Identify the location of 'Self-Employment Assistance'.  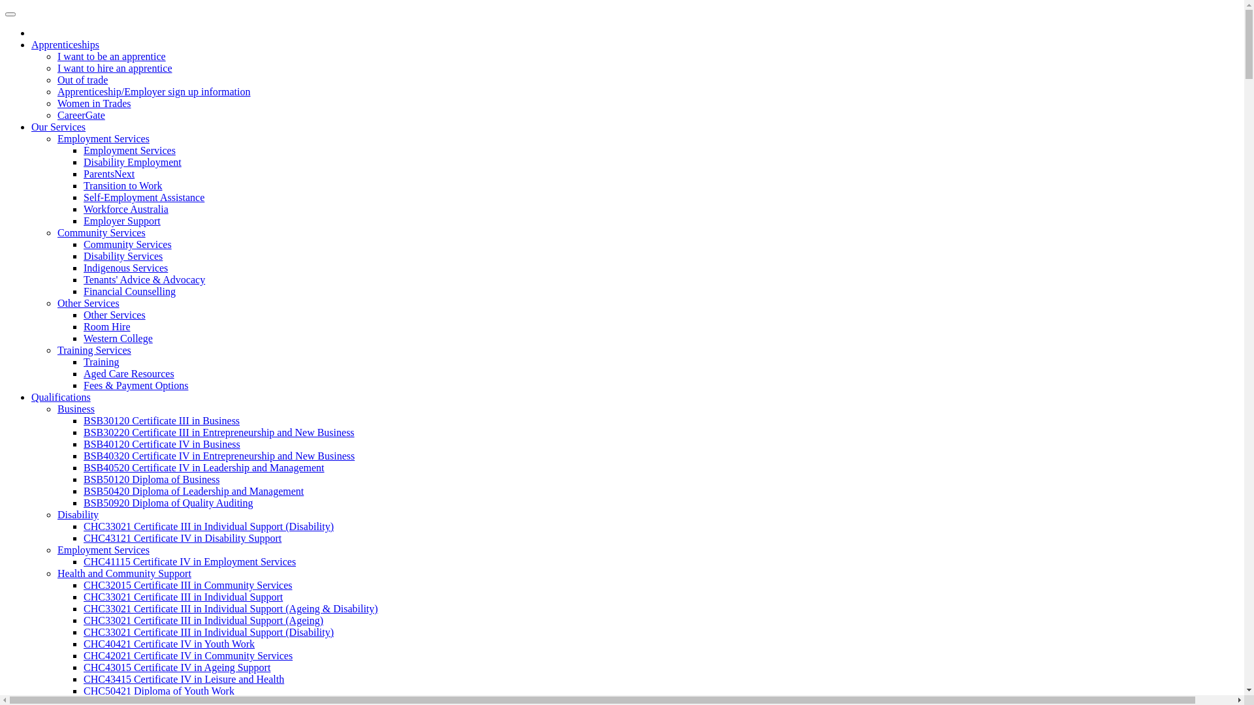
(83, 197).